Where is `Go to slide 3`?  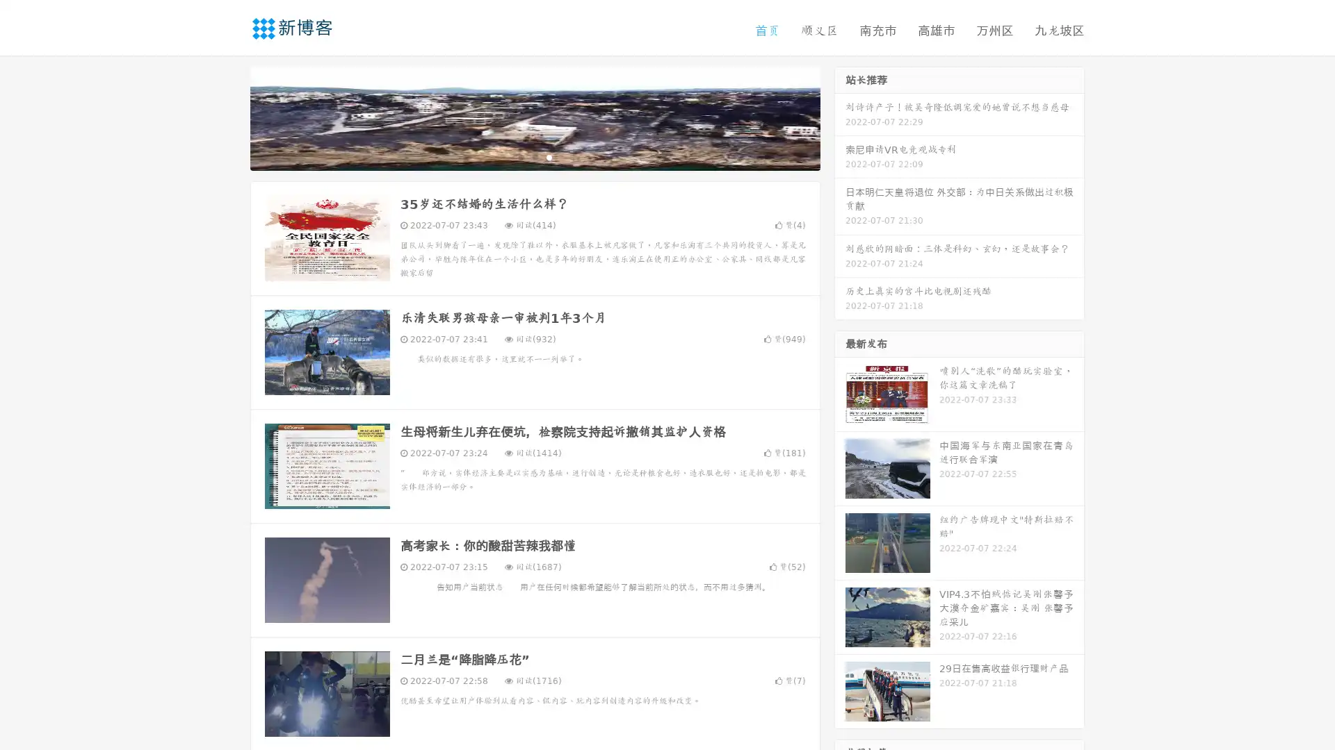
Go to slide 3 is located at coordinates (549, 156).